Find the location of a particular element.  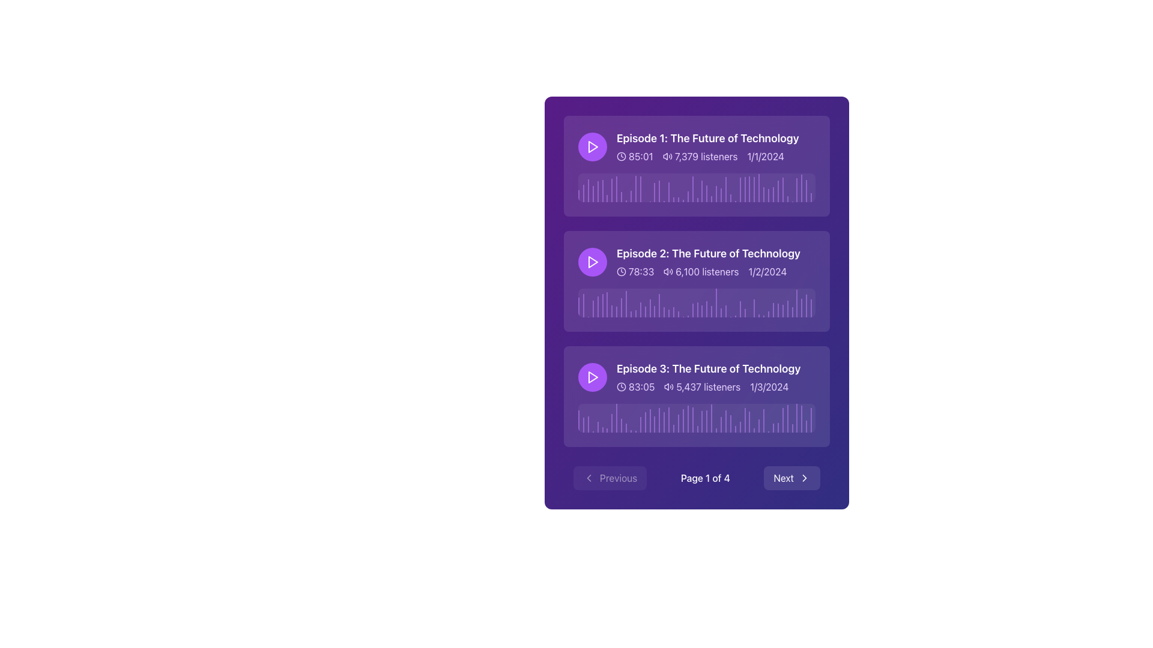

the play button located to the left of the title 'Episode 1: The Future of Technology' is located at coordinates (593, 146).